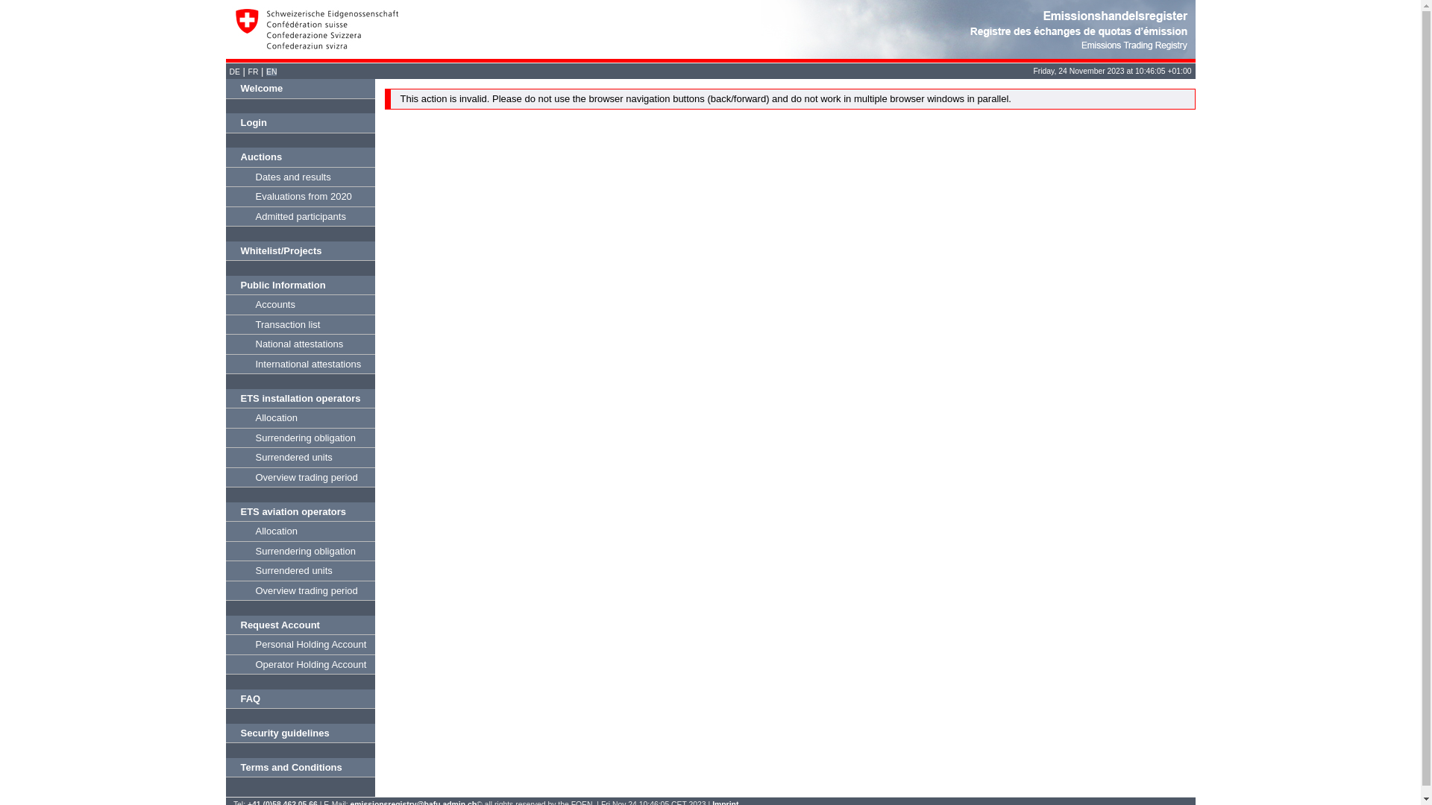 The image size is (1432, 805). I want to click on 'National attestations', so click(299, 344).